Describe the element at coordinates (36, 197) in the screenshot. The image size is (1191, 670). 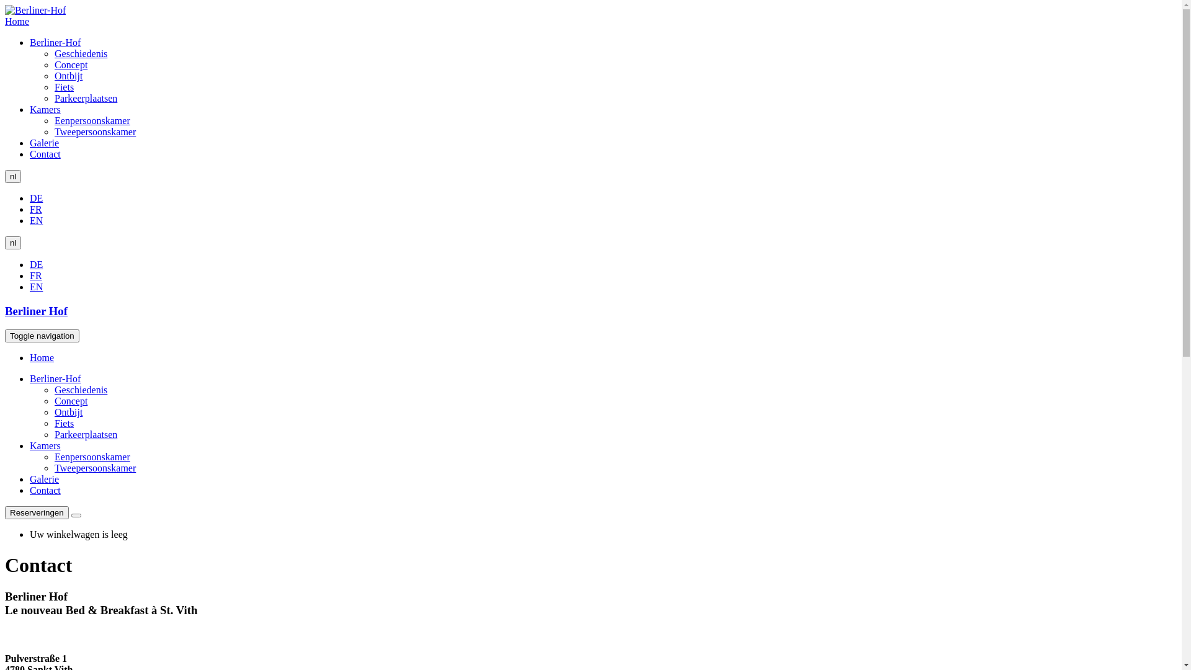
I see `'DE'` at that location.